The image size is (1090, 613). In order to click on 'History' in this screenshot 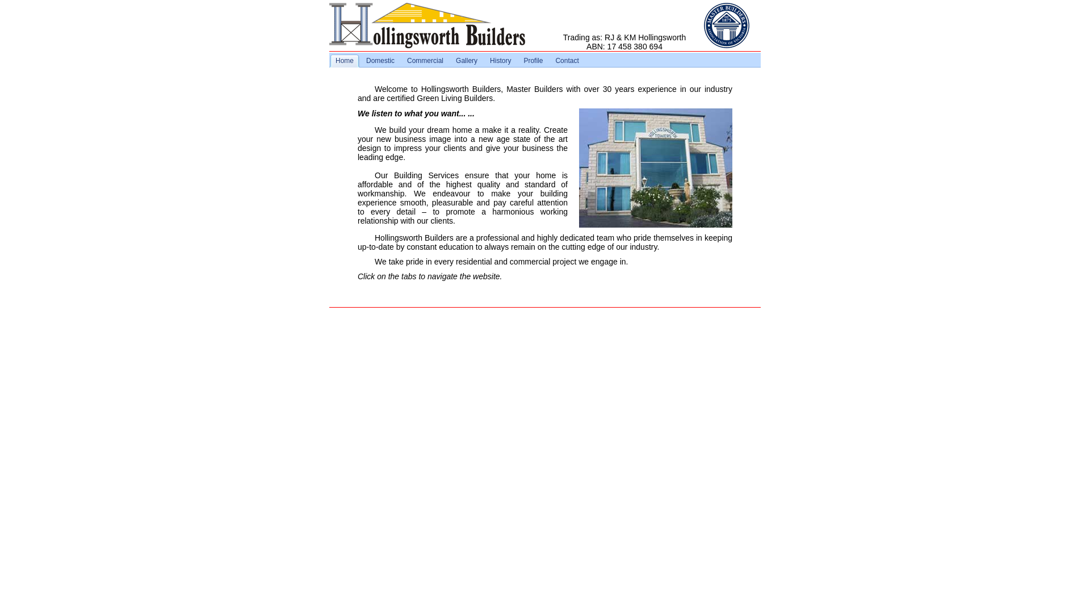, I will do `click(500, 61)`.